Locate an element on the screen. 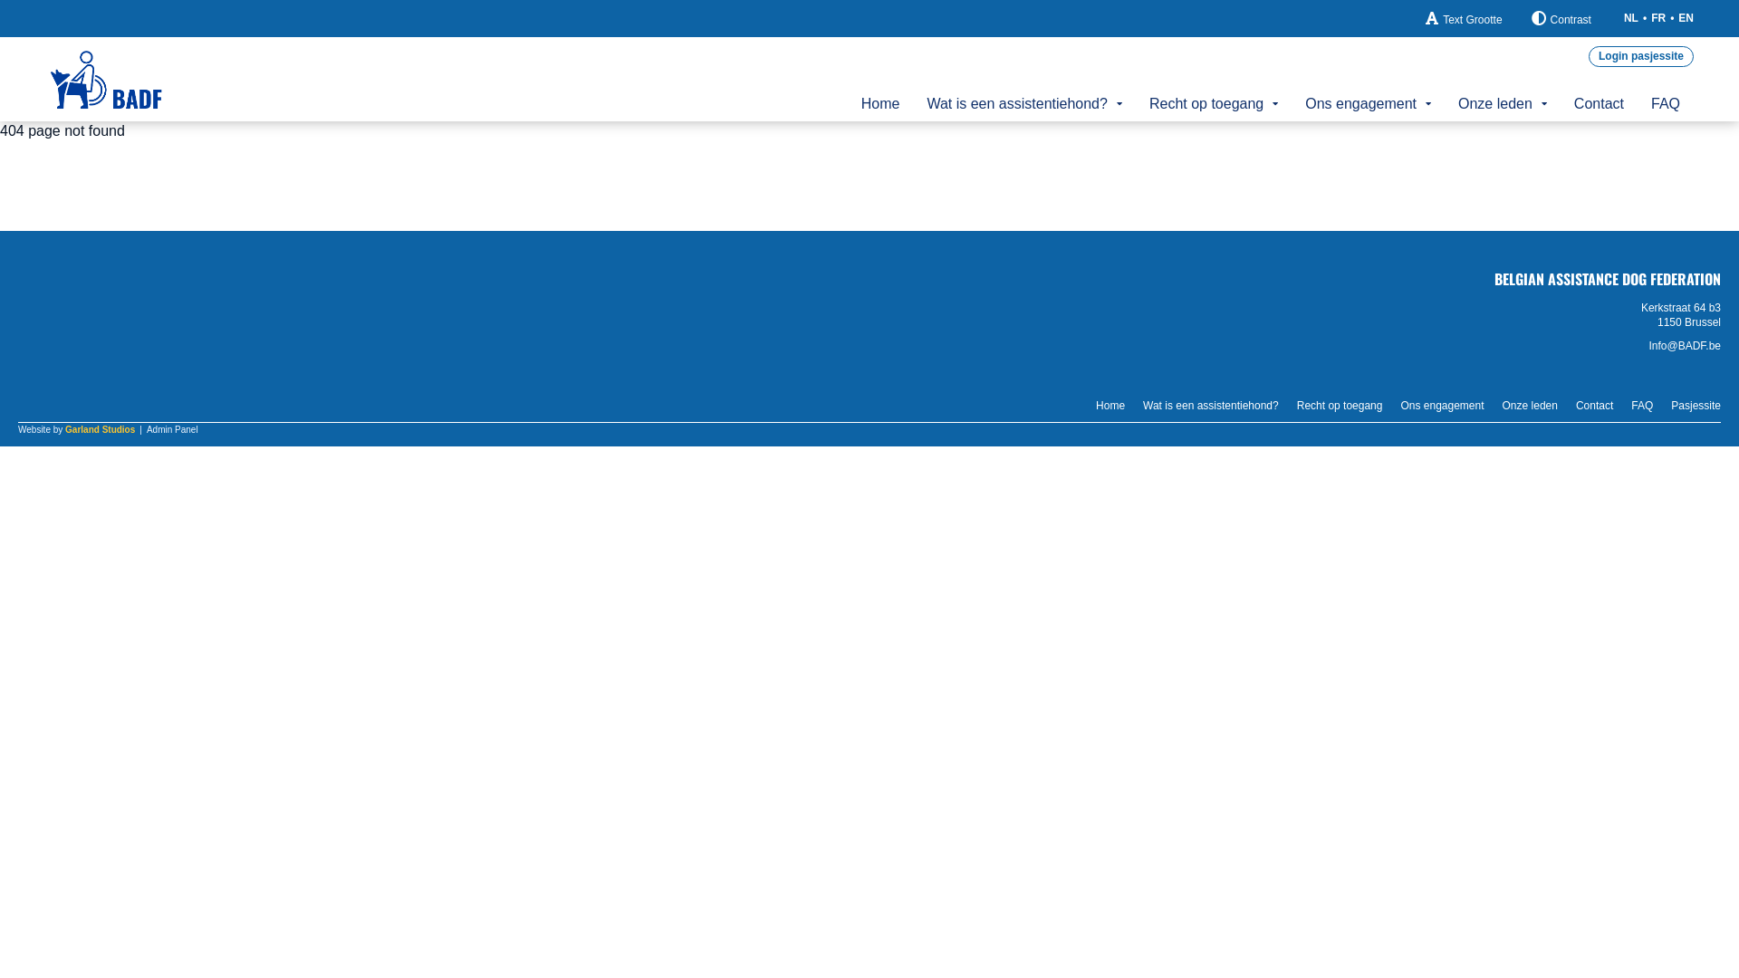 This screenshot has width=1739, height=978. 'Admin Panel' is located at coordinates (172, 429).